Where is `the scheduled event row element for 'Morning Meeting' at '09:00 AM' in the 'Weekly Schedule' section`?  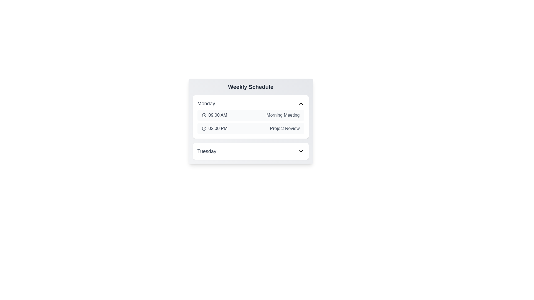 the scheduled event row element for 'Morning Meeting' at '09:00 AM' in the 'Weekly Schedule' section is located at coordinates (250, 115).